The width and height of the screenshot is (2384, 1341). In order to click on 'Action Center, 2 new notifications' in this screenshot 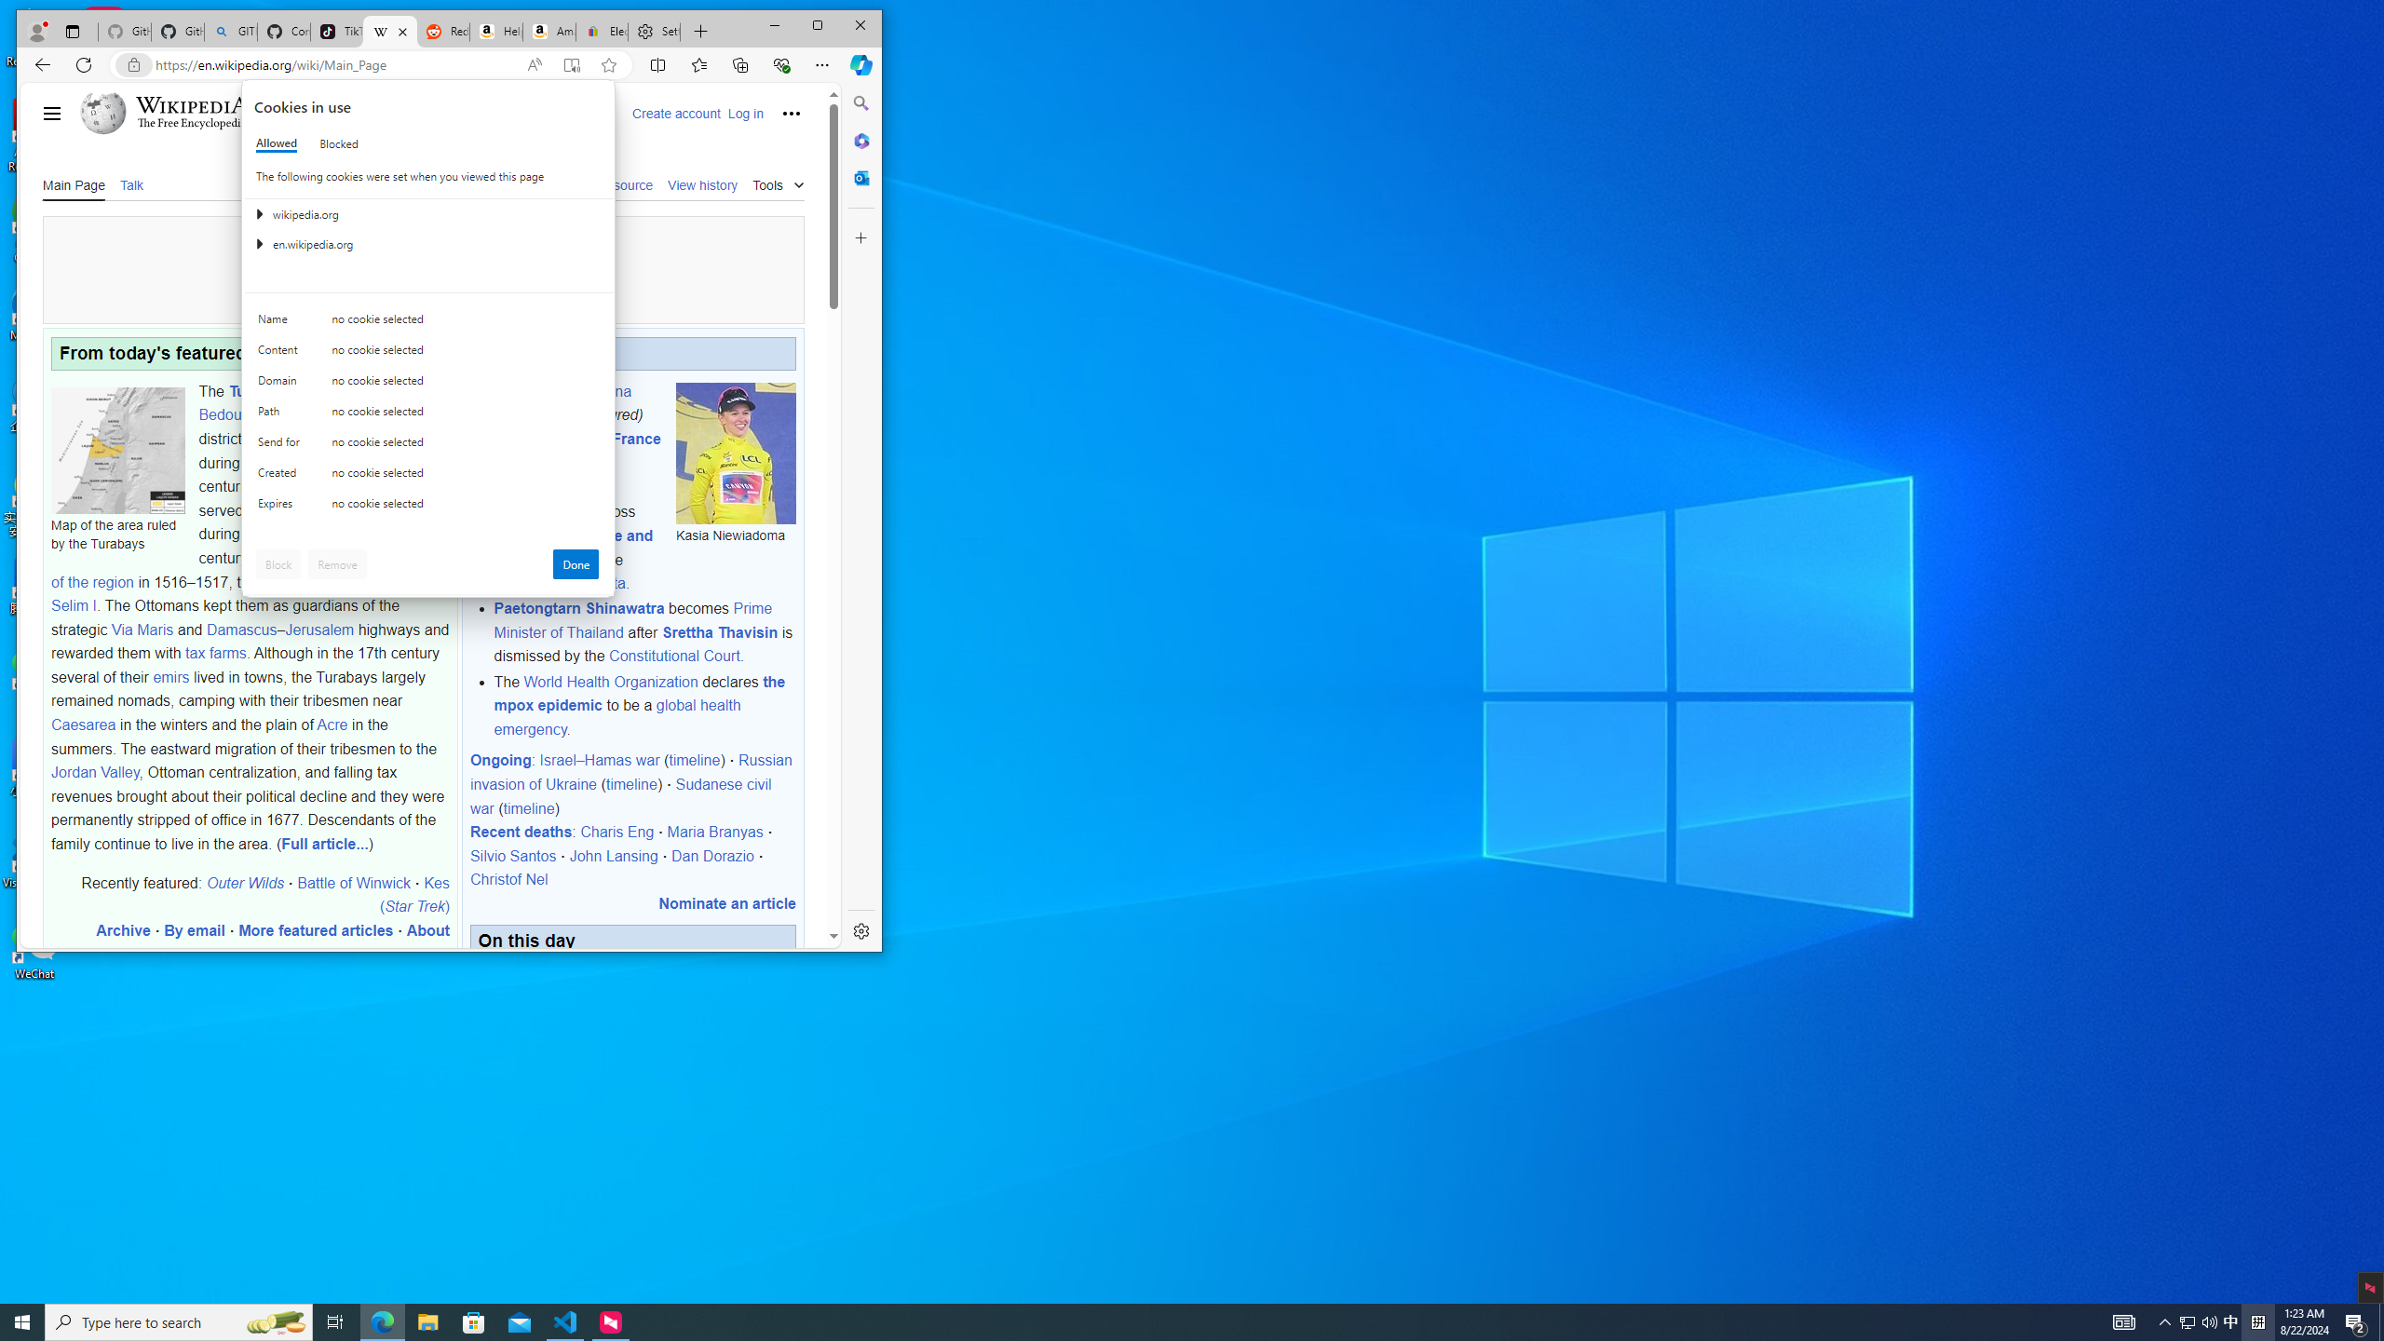, I will do `click(2356, 1321)`.